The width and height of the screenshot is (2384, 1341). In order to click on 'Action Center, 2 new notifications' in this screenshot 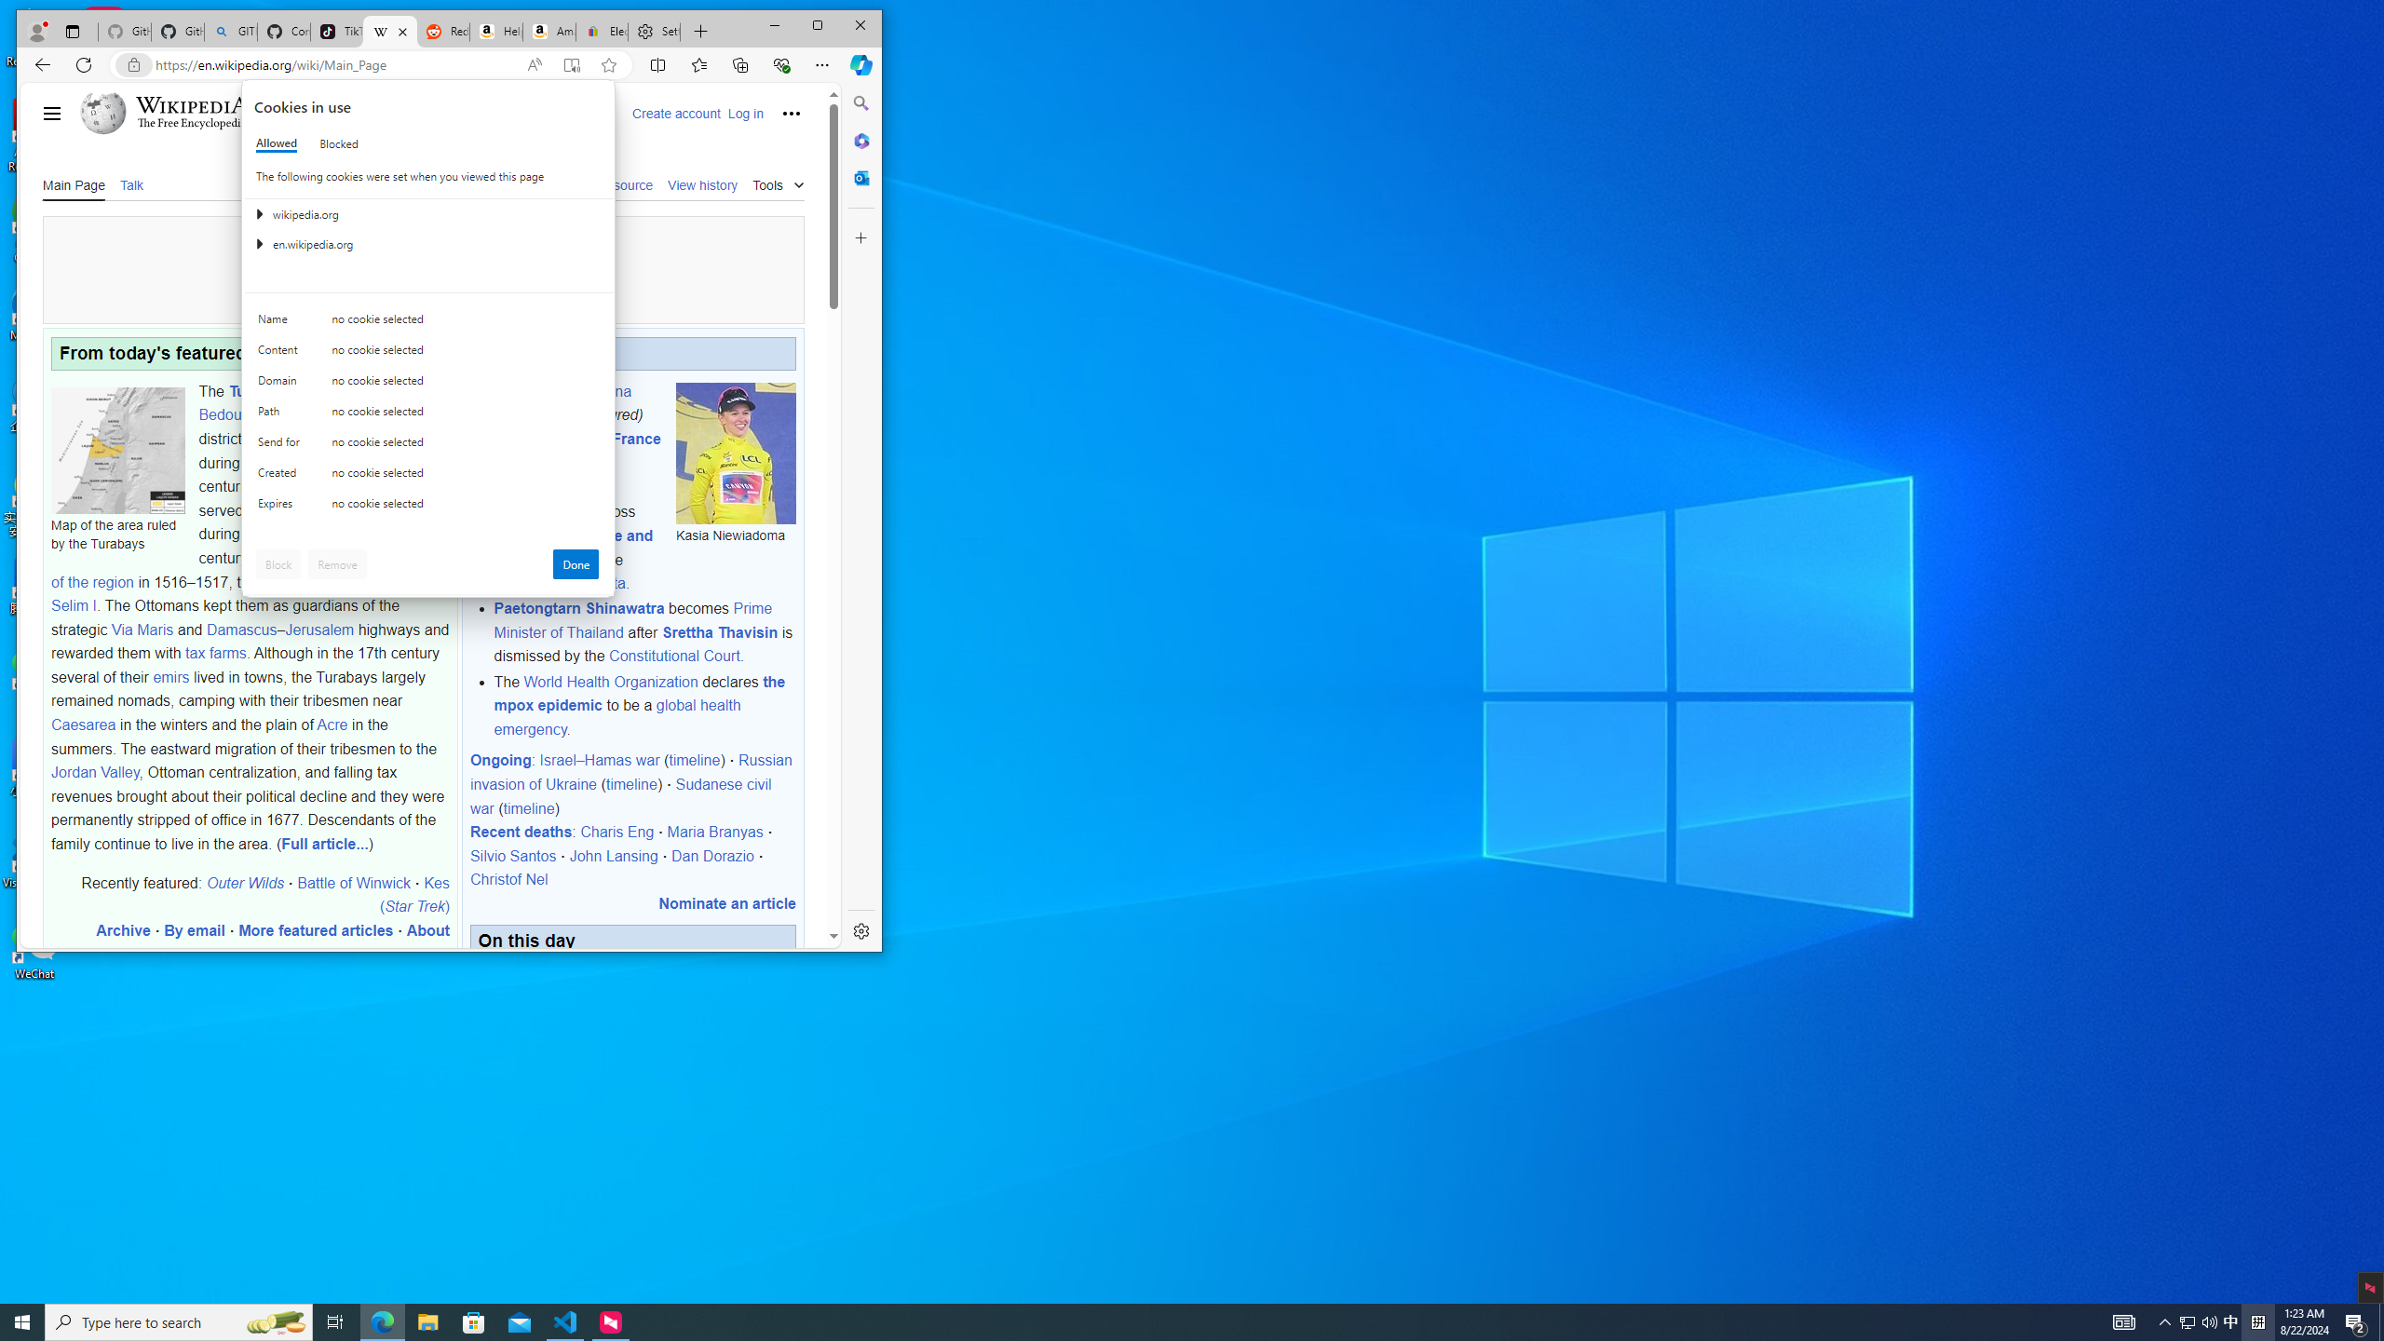, I will do `click(2356, 1321)`.